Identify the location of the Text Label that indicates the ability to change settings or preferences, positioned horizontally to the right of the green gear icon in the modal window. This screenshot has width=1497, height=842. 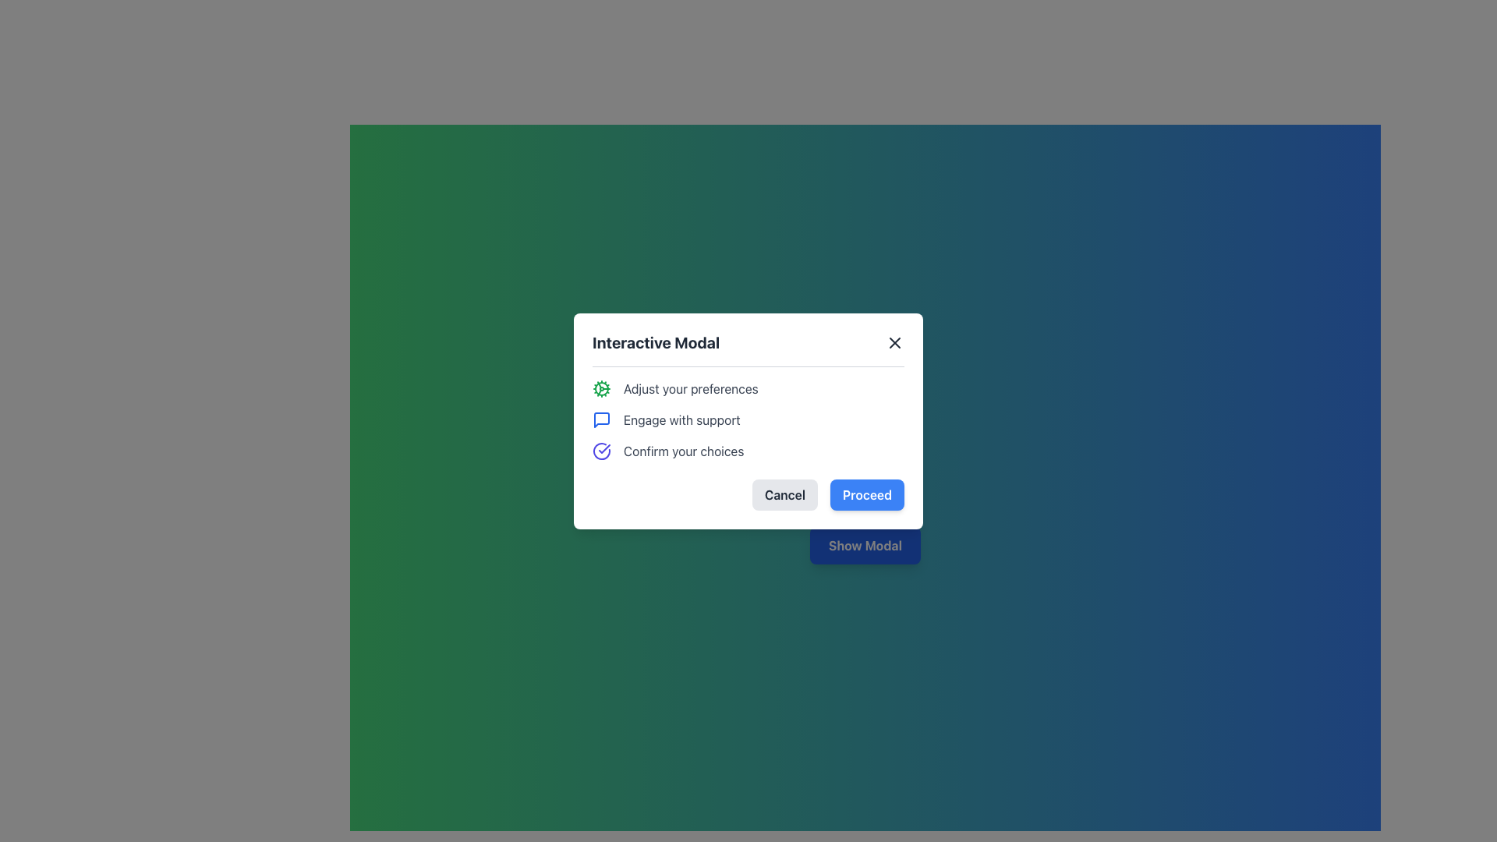
(690, 387).